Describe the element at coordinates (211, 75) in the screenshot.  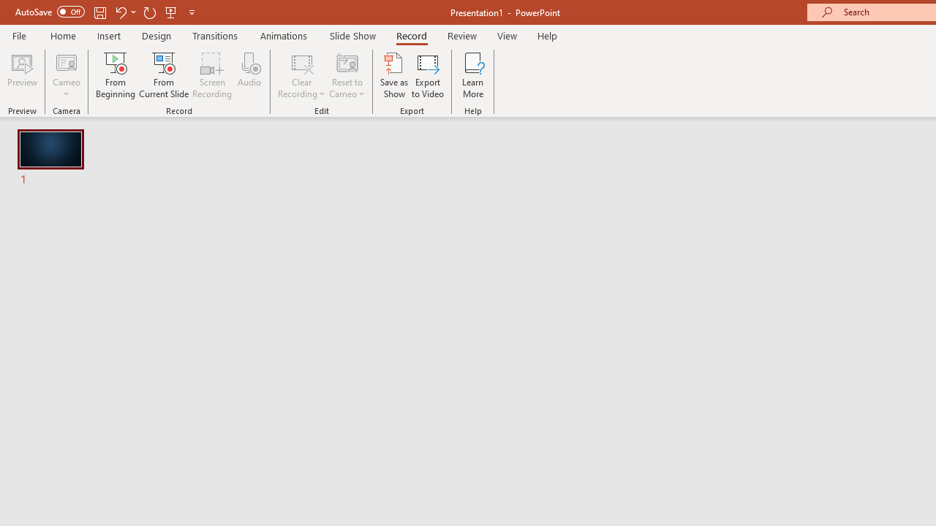
I see `'Screen Recording'` at that location.